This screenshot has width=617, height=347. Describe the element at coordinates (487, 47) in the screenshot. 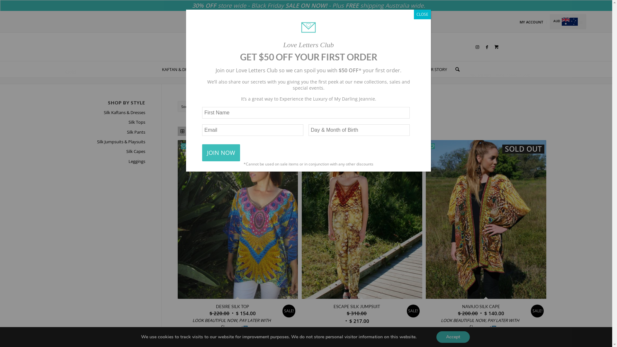

I see `'Facebook'` at that location.